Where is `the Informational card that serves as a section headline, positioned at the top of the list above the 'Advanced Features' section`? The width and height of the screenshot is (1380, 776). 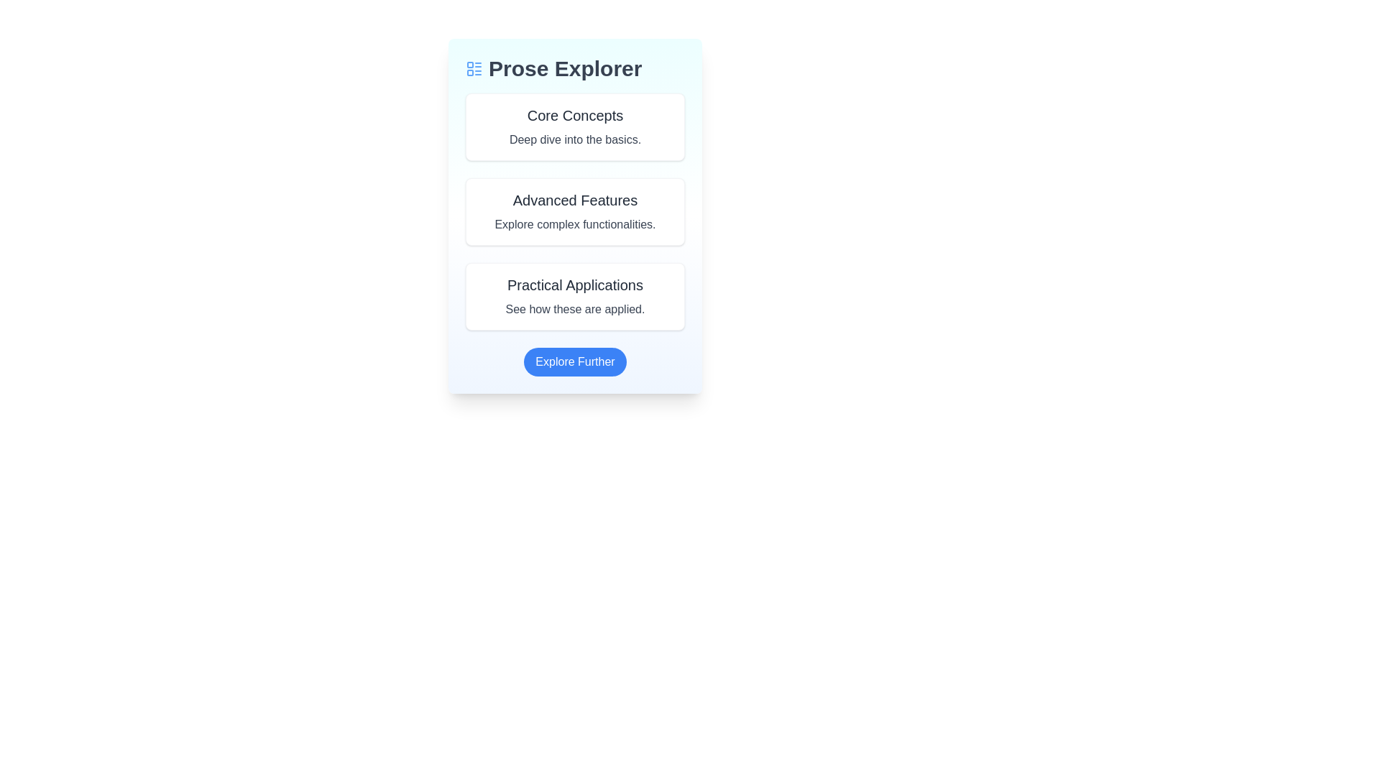
the Informational card that serves as a section headline, positioned at the top of the list above the 'Advanced Features' section is located at coordinates (575, 126).